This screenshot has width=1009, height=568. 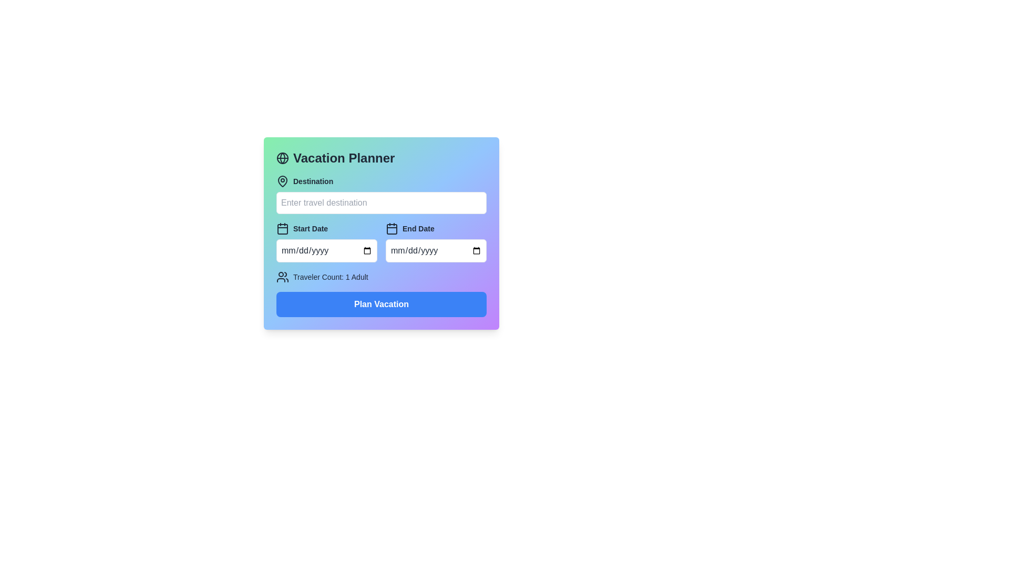 I want to click on the inner SVG Rectangle of the calendar icon located to the right of the 'End Date' text input field, so click(x=391, y=228).